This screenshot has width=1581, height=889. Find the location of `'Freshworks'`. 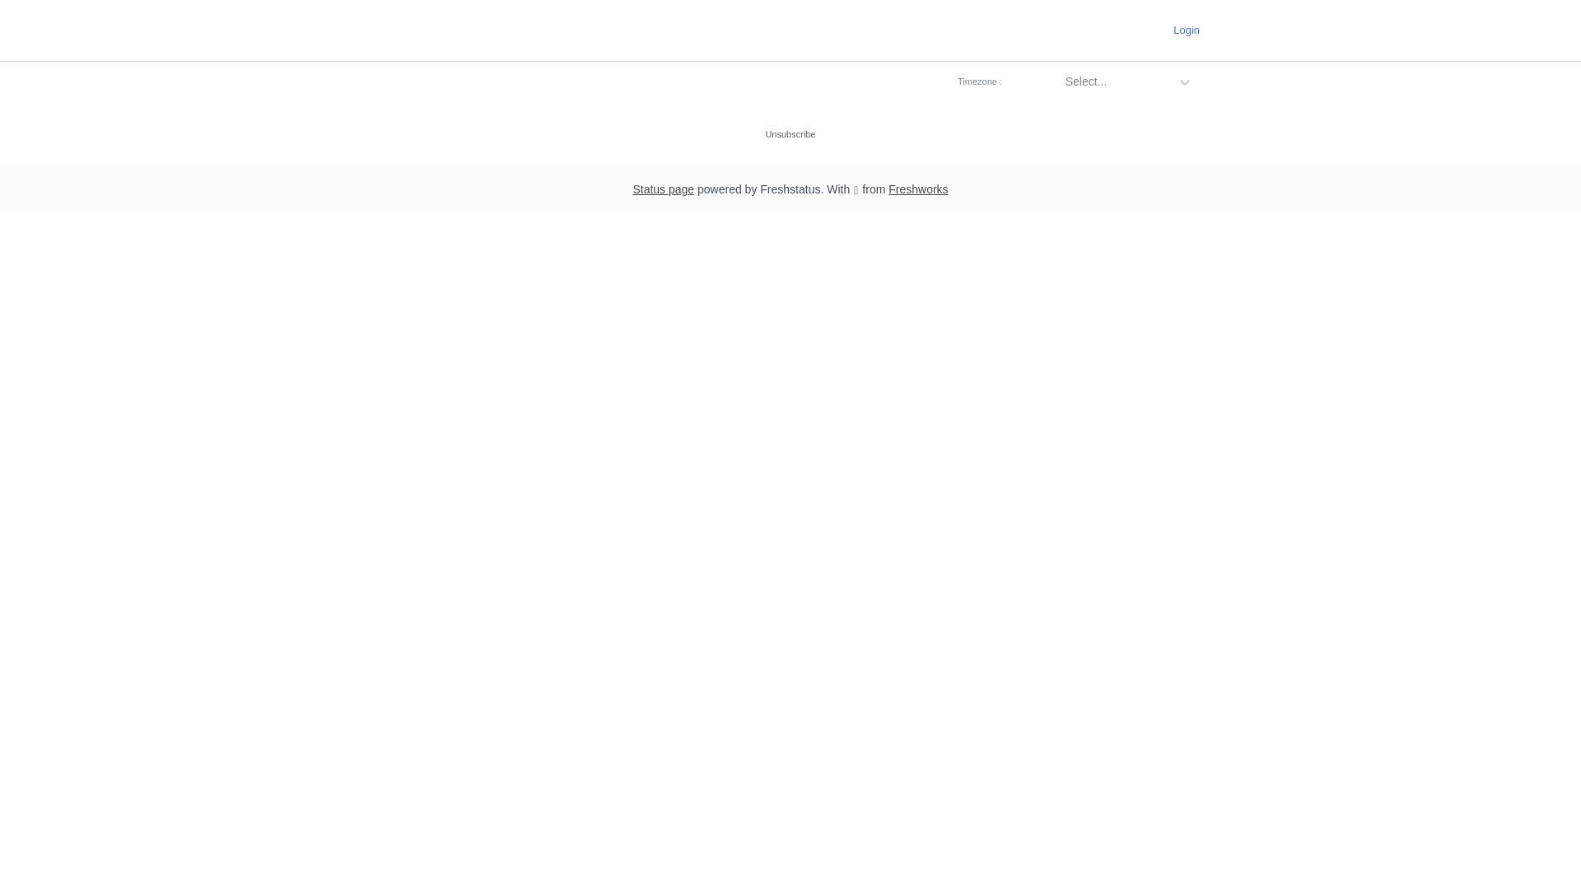

'Freshworks' is located at coordinates (916, 189).